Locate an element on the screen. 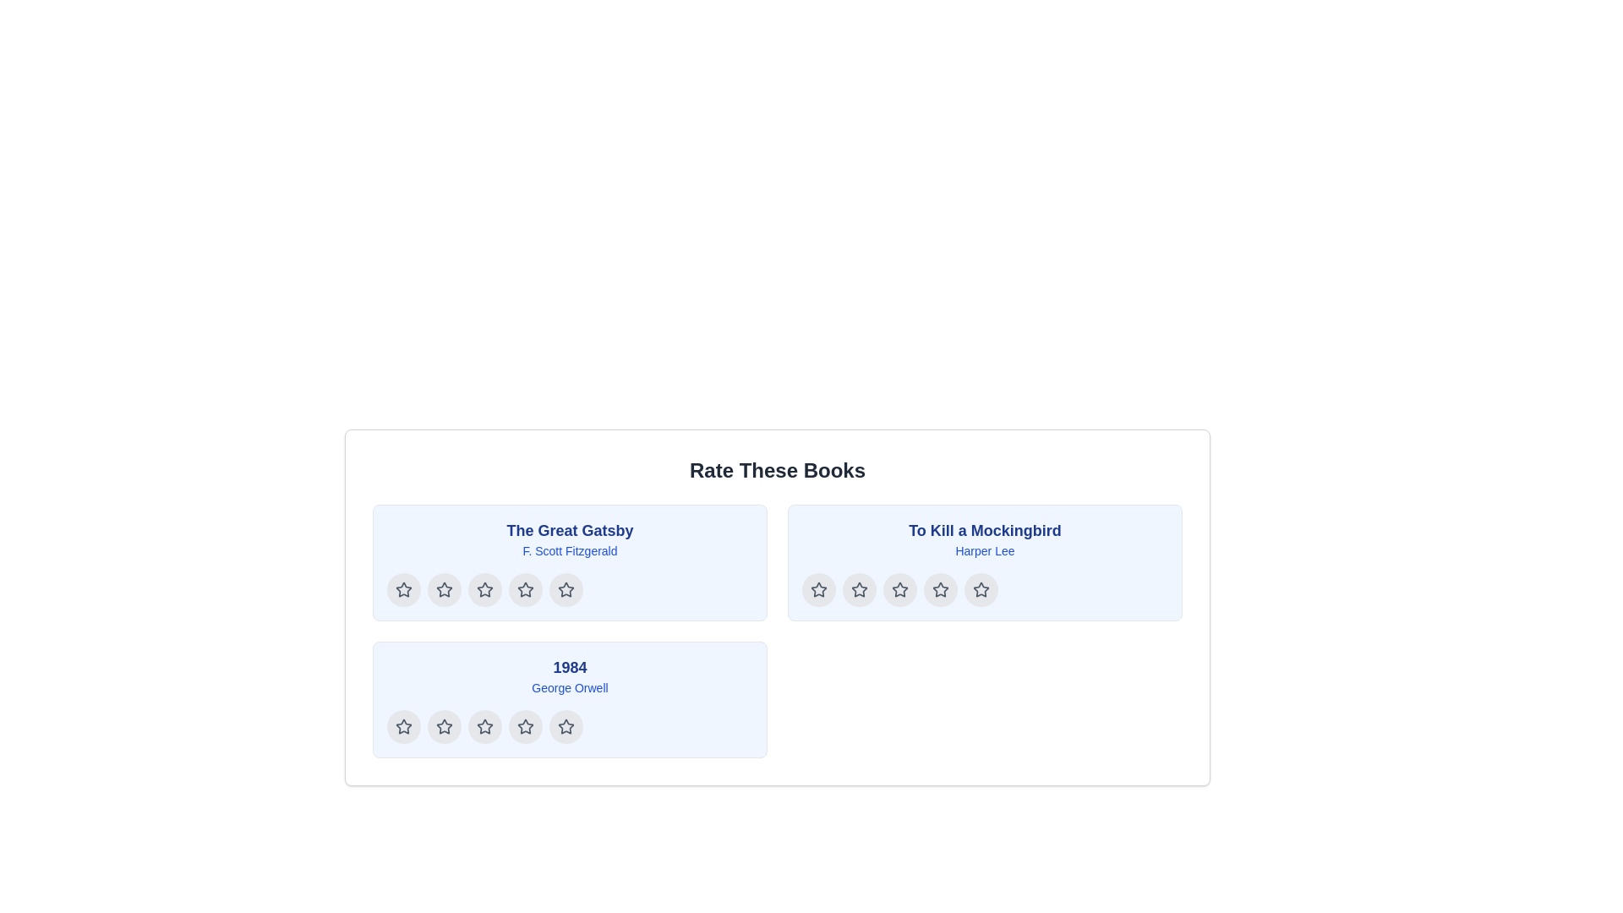 The image size is (1623, 913). the first interactive rating star icon for the book '1984' by George Orwell is located at coordinates (403, 725).